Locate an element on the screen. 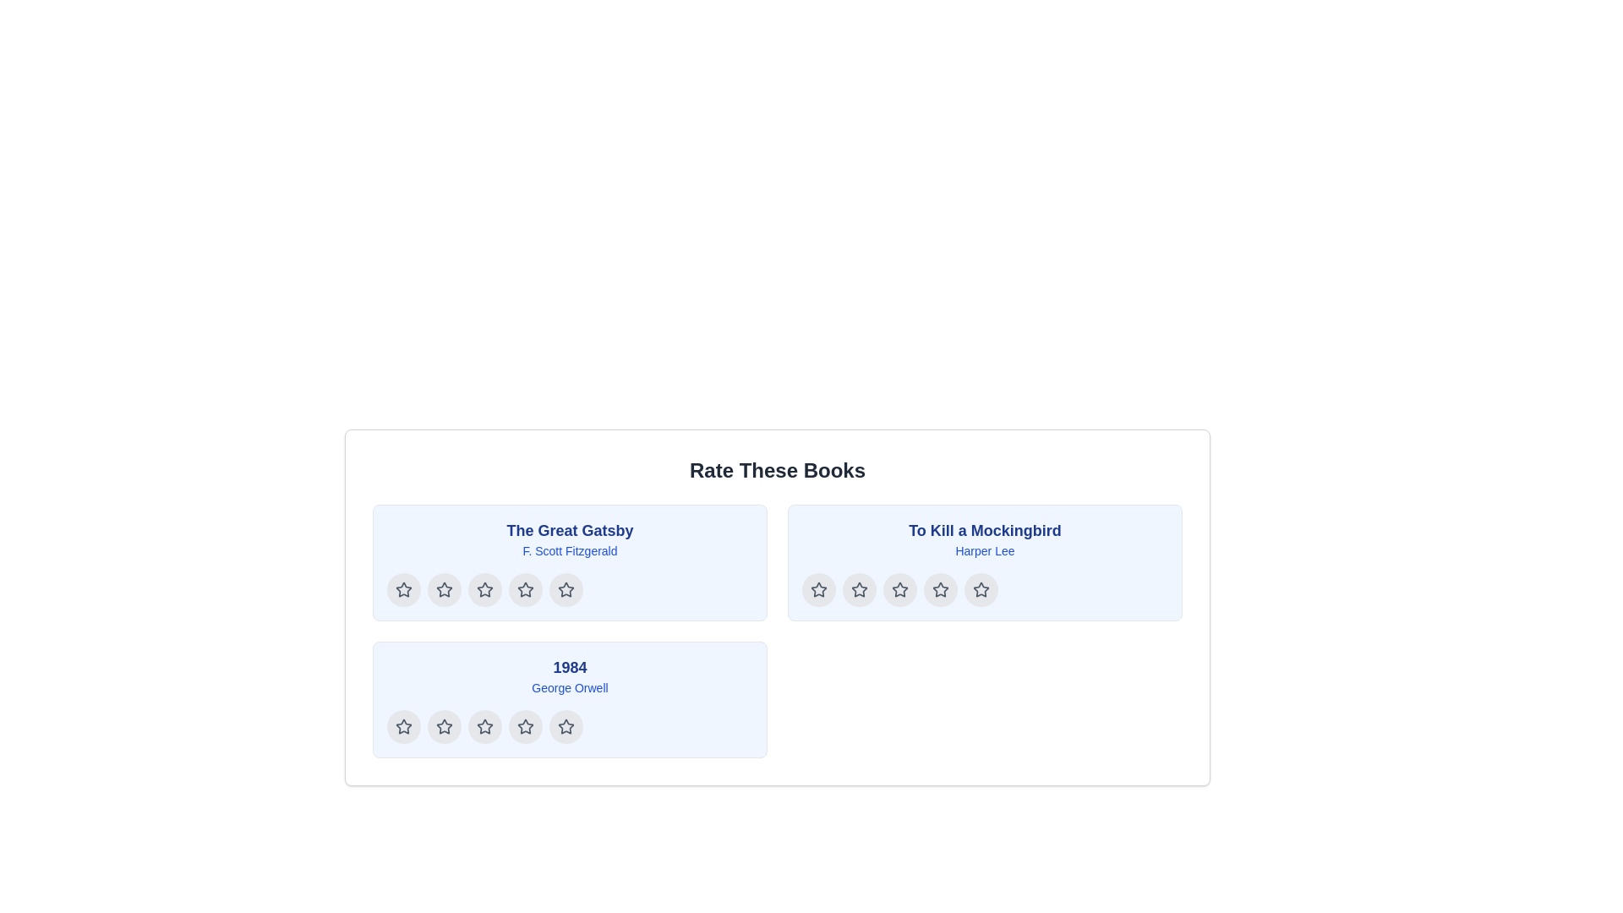 The image size is (1623, 913). the first interactive rating star icon for the book '1984' by George Orwell is located at coordinates (403, 725).